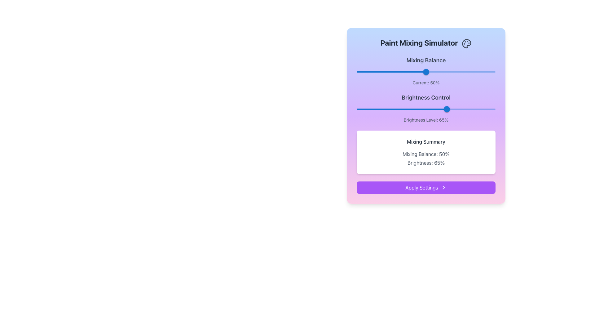 The width and height of the screenshot is (595, 335). What do you see at coordinates (416, 71) in the screenshot?
I see `Mixing Balance` at bounding box center [416, 71].